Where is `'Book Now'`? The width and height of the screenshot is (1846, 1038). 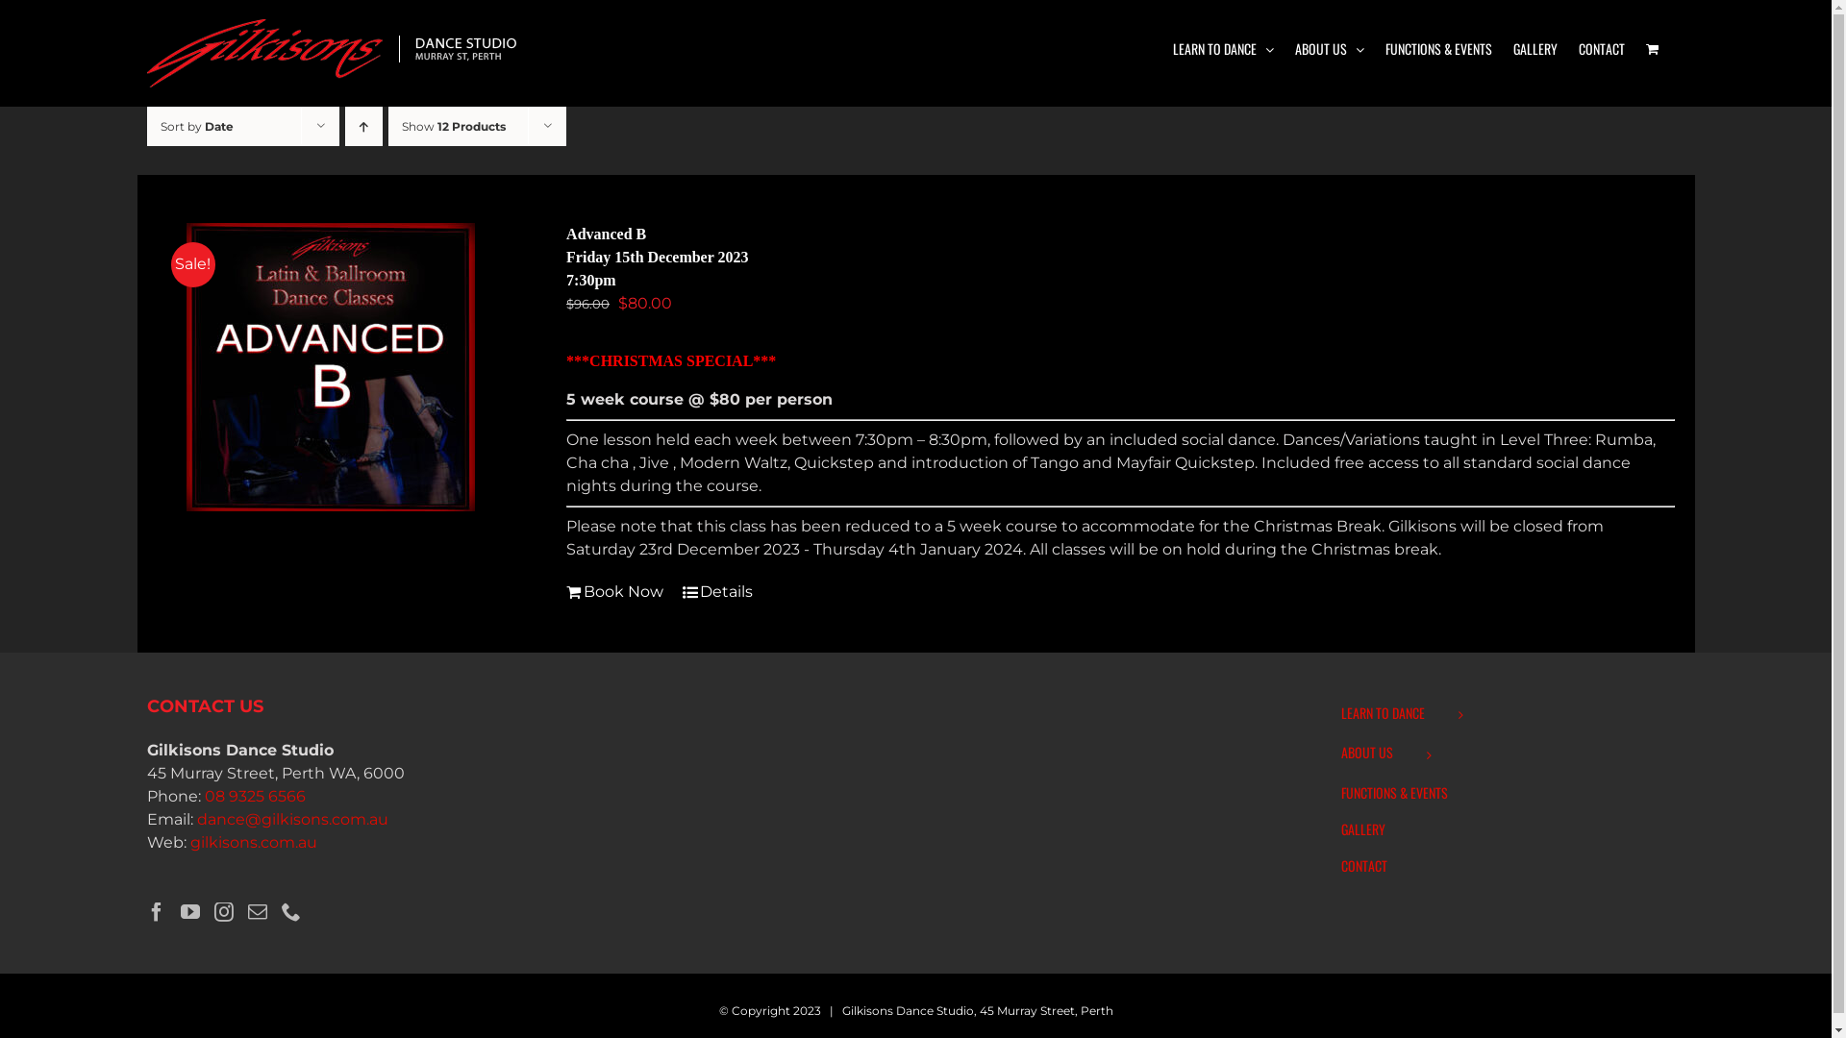 'Book Now' is located at coordinates (565, 591).